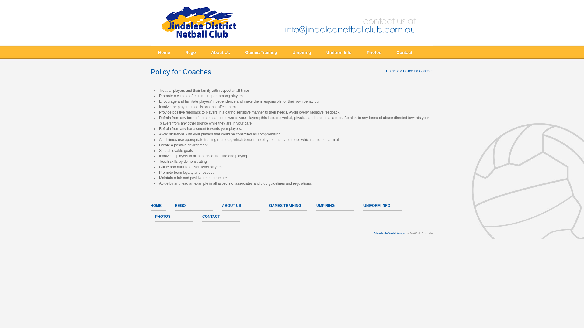  What do you see at coordinates (285, 205) in the screenshot?
I see `'GAMES/TRAINING'` at bounding box center [285, 205].